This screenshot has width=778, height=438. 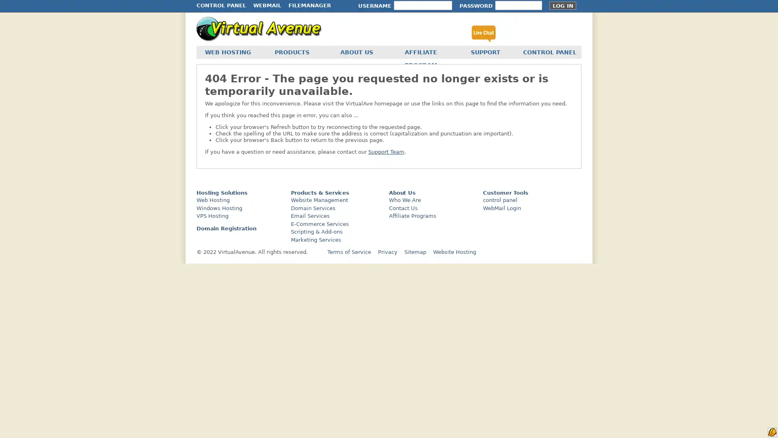 I want to click on Got It, so click(x=82, y=384).